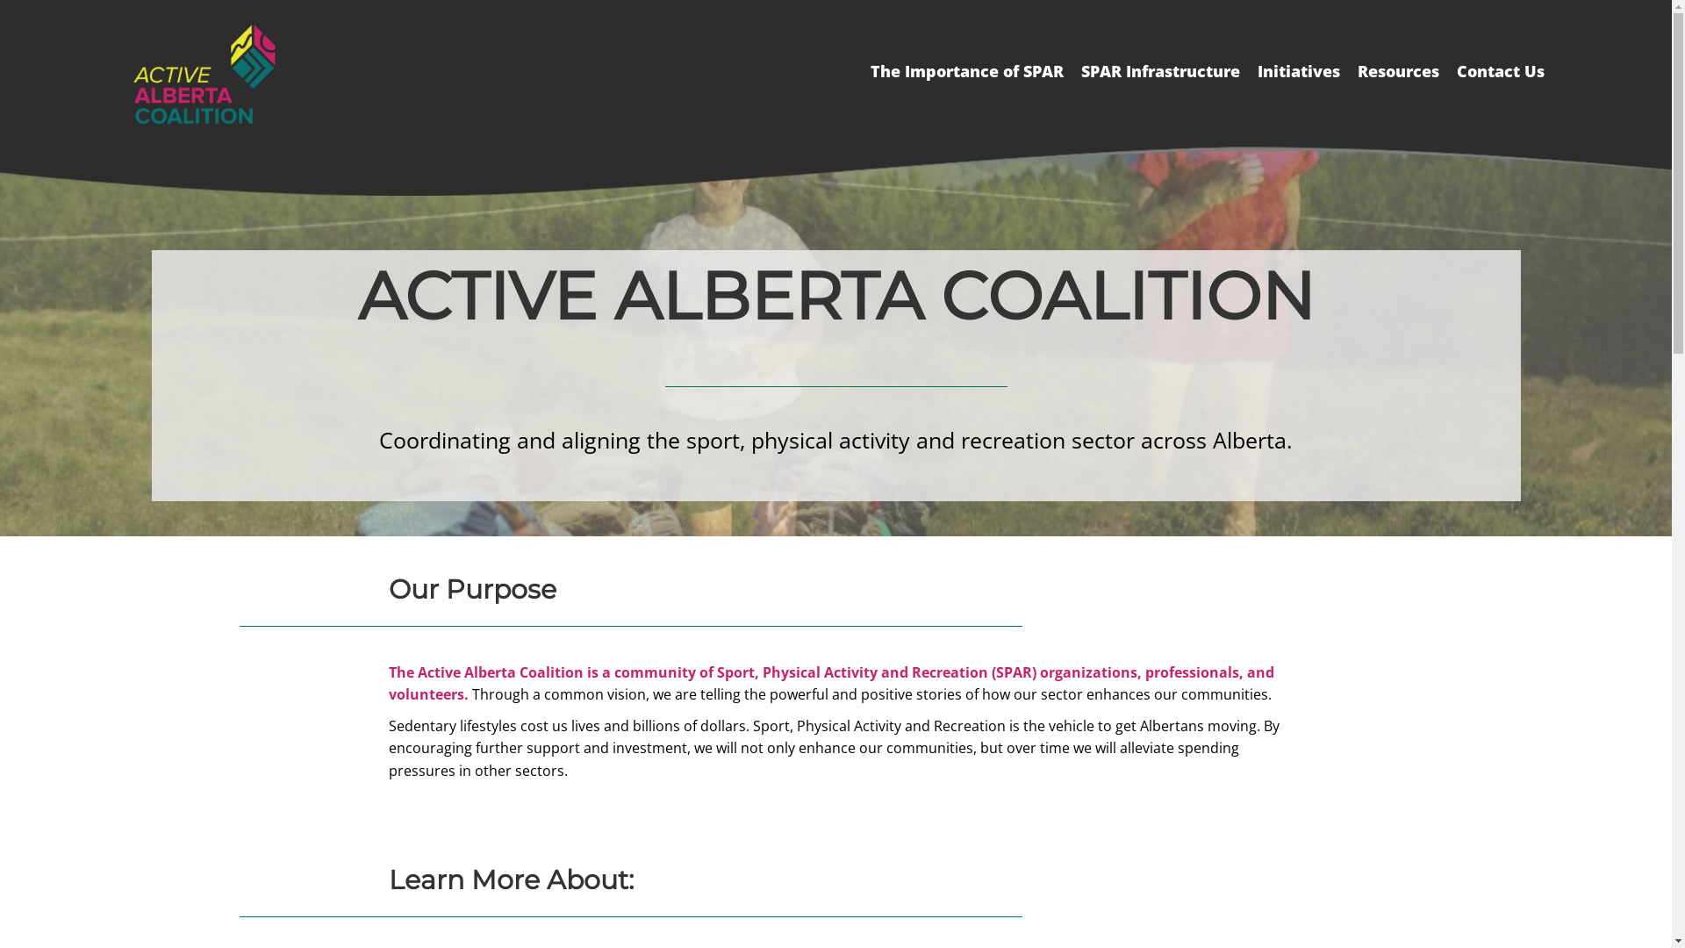 The width and height of the screenshot is (1685, 948). What do you see at coordinates (1499, 70) in the screenshot?
I see `'Contact Us'` at bounding box center [1499, 70].